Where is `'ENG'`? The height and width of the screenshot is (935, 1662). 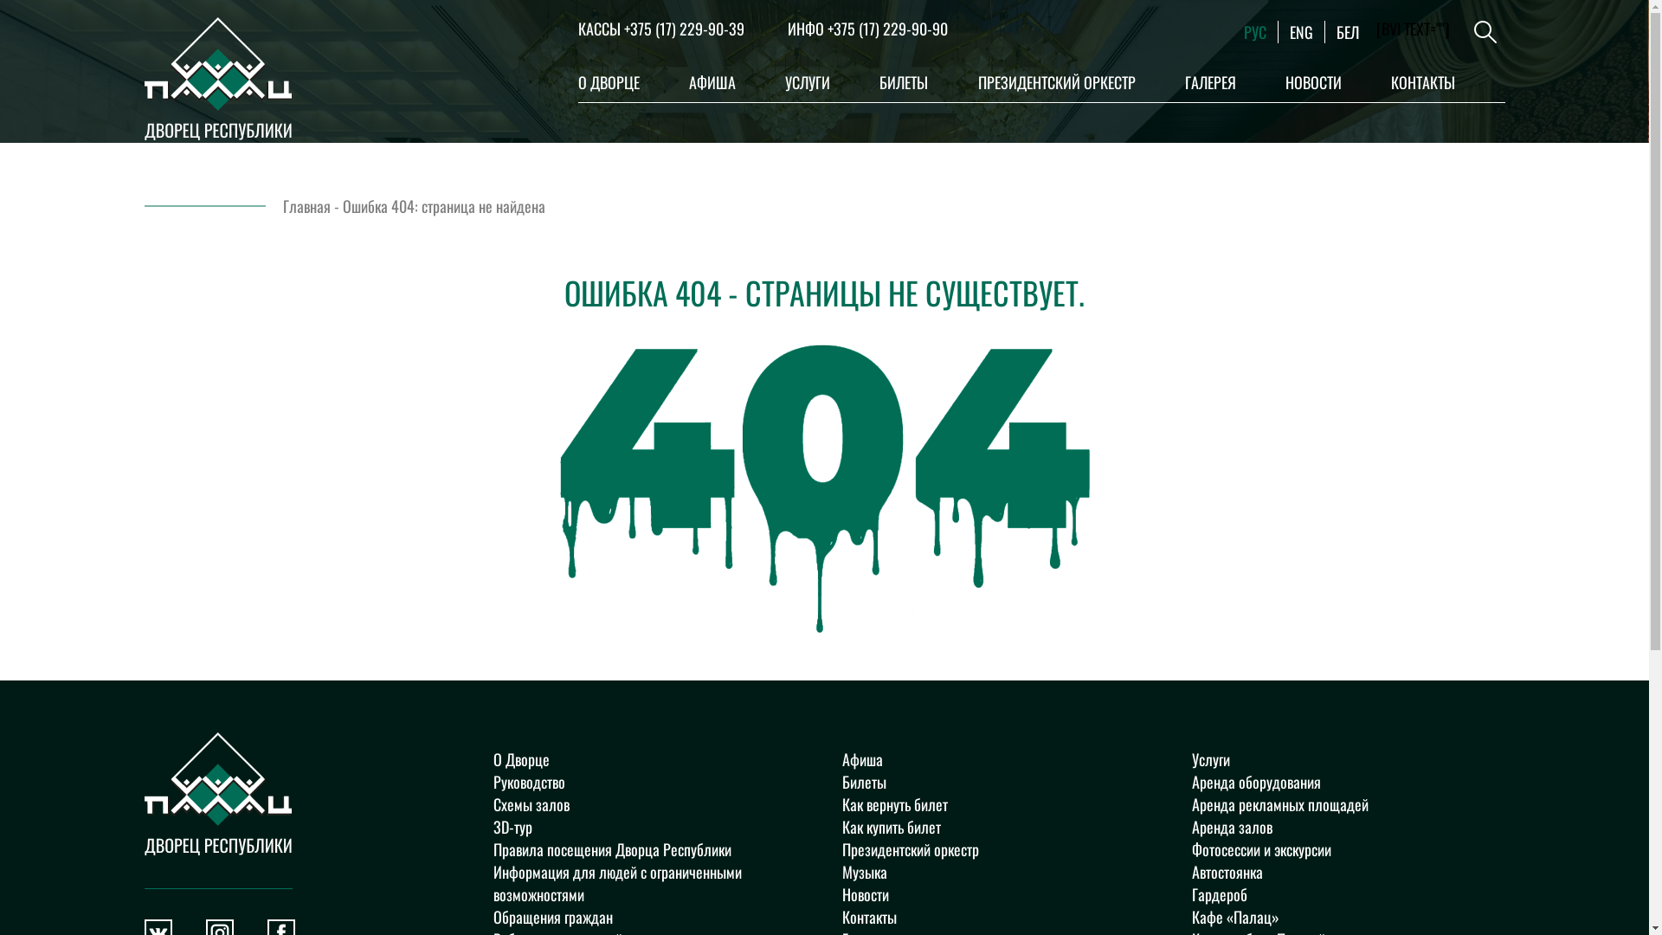 'ENG' is located at coordinates (1301, 32).